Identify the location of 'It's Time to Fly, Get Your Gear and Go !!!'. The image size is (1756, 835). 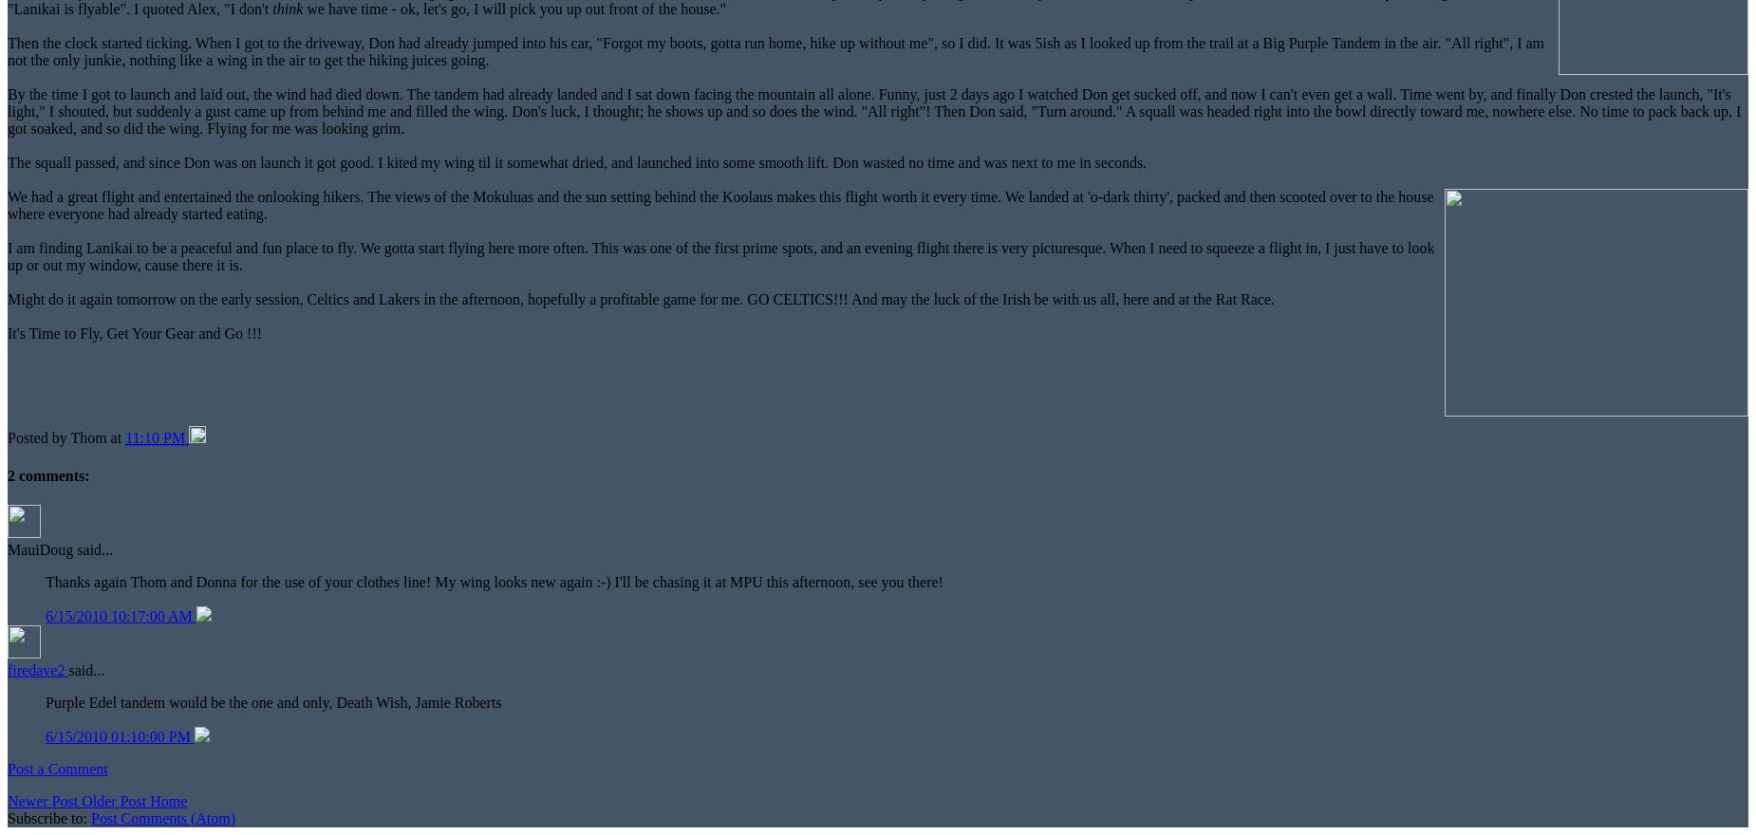
(6, 333).